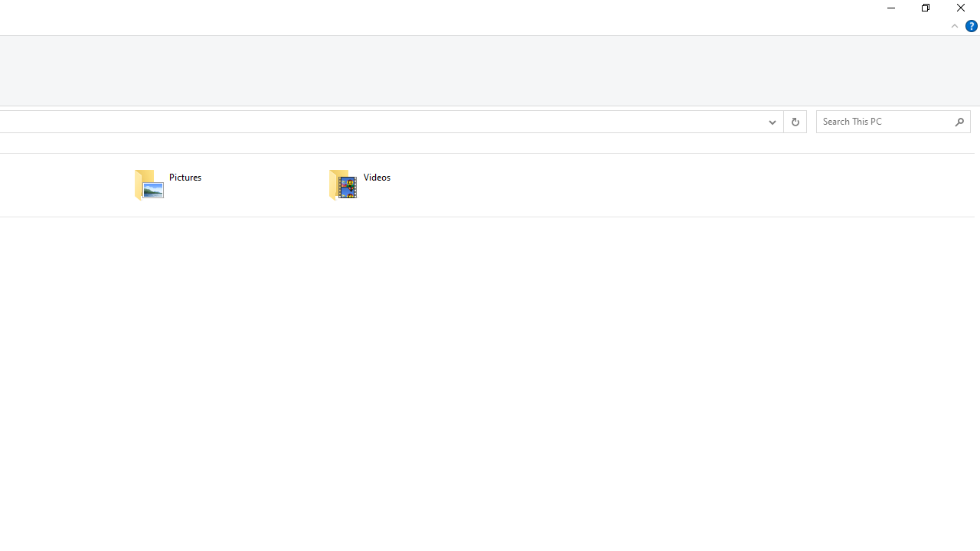 This screenshot has width=980, height=551. What do you see at coordinates (783, 121) in the screenshot?
I see `'Address band toolbar'` at bounding box center [783, 121].